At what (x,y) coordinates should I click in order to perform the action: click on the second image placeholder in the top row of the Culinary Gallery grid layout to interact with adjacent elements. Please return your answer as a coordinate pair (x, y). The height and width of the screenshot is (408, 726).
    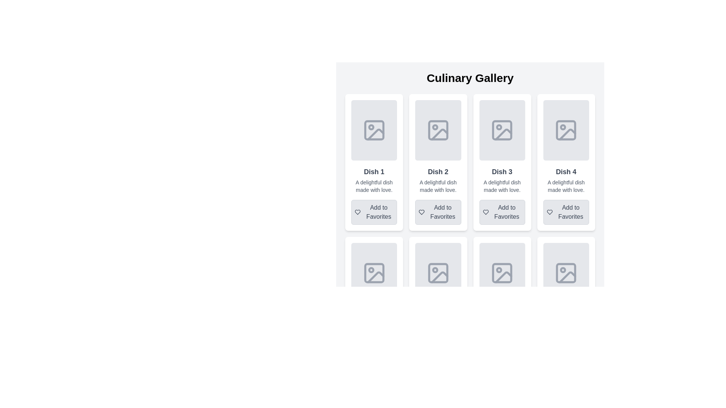
    Looking at the image, I should click on (439, 134).